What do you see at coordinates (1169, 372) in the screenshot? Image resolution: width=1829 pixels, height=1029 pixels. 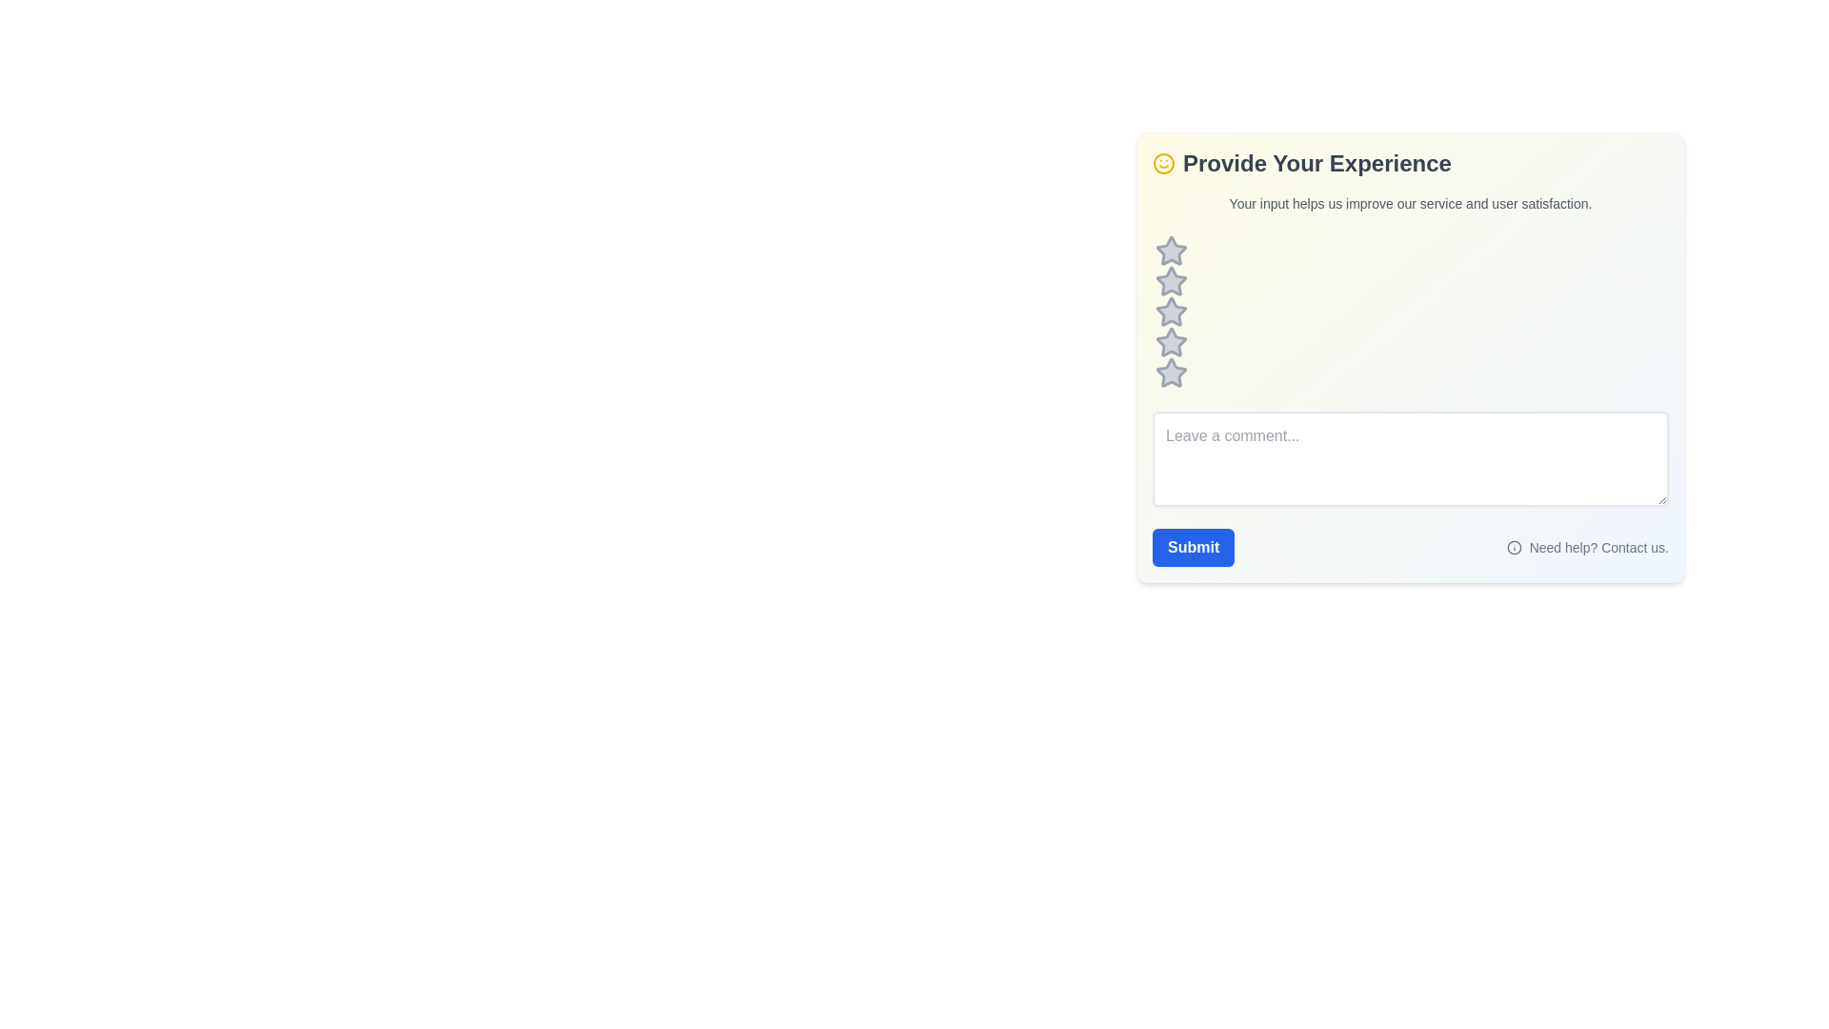 I see `the fifth star icon in the rating system located on the right-side panel` at bounding box center [1169, 372].